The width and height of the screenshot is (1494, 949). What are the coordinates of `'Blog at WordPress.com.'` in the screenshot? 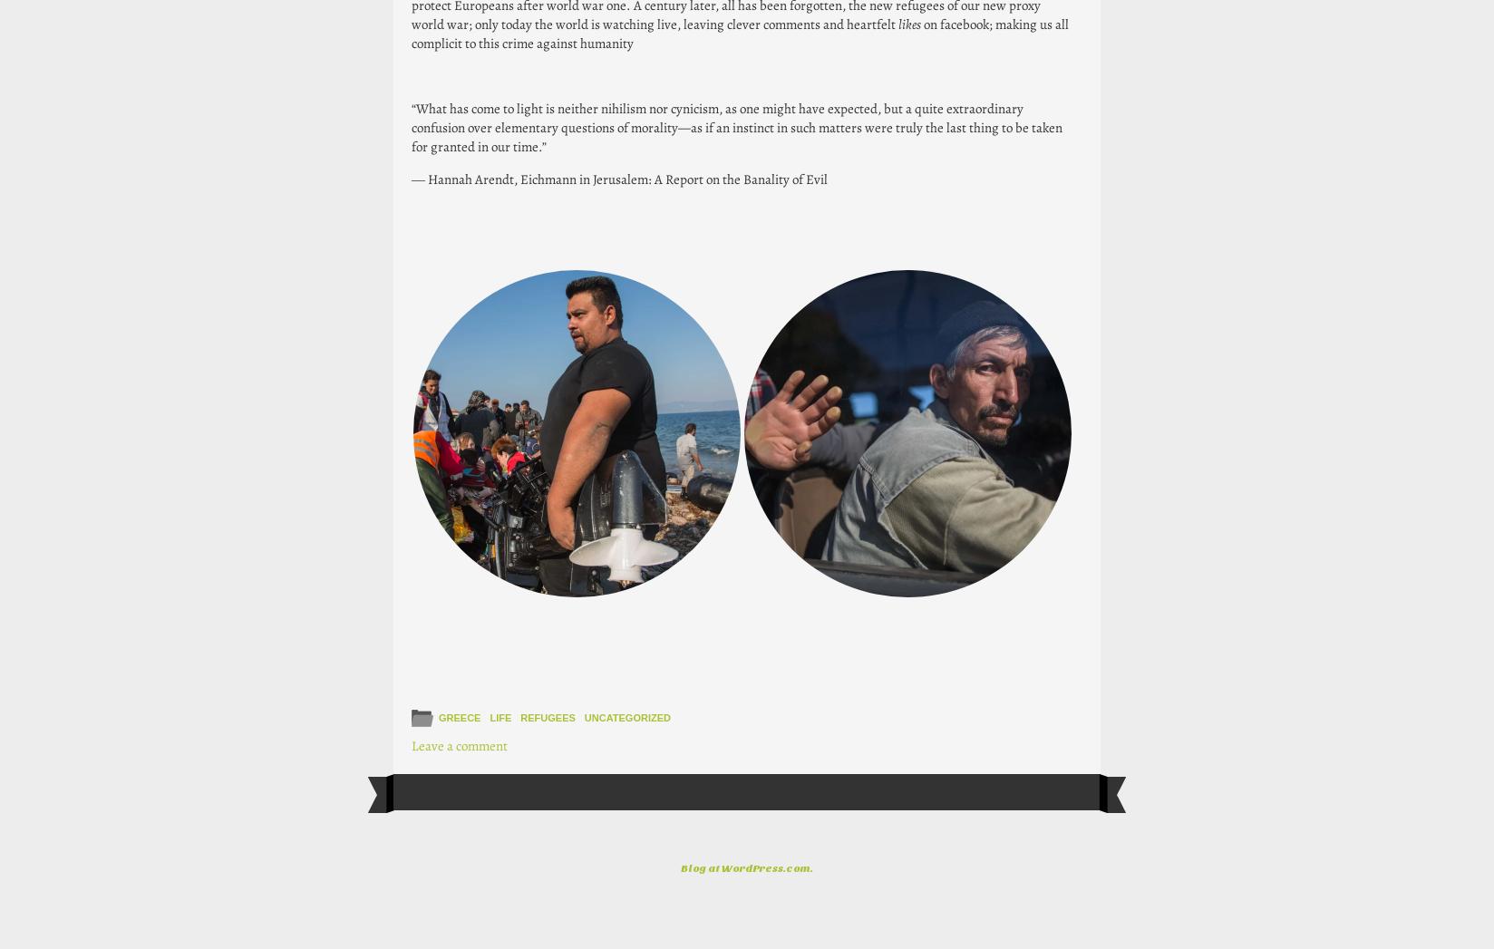 It's located at (747, 866).